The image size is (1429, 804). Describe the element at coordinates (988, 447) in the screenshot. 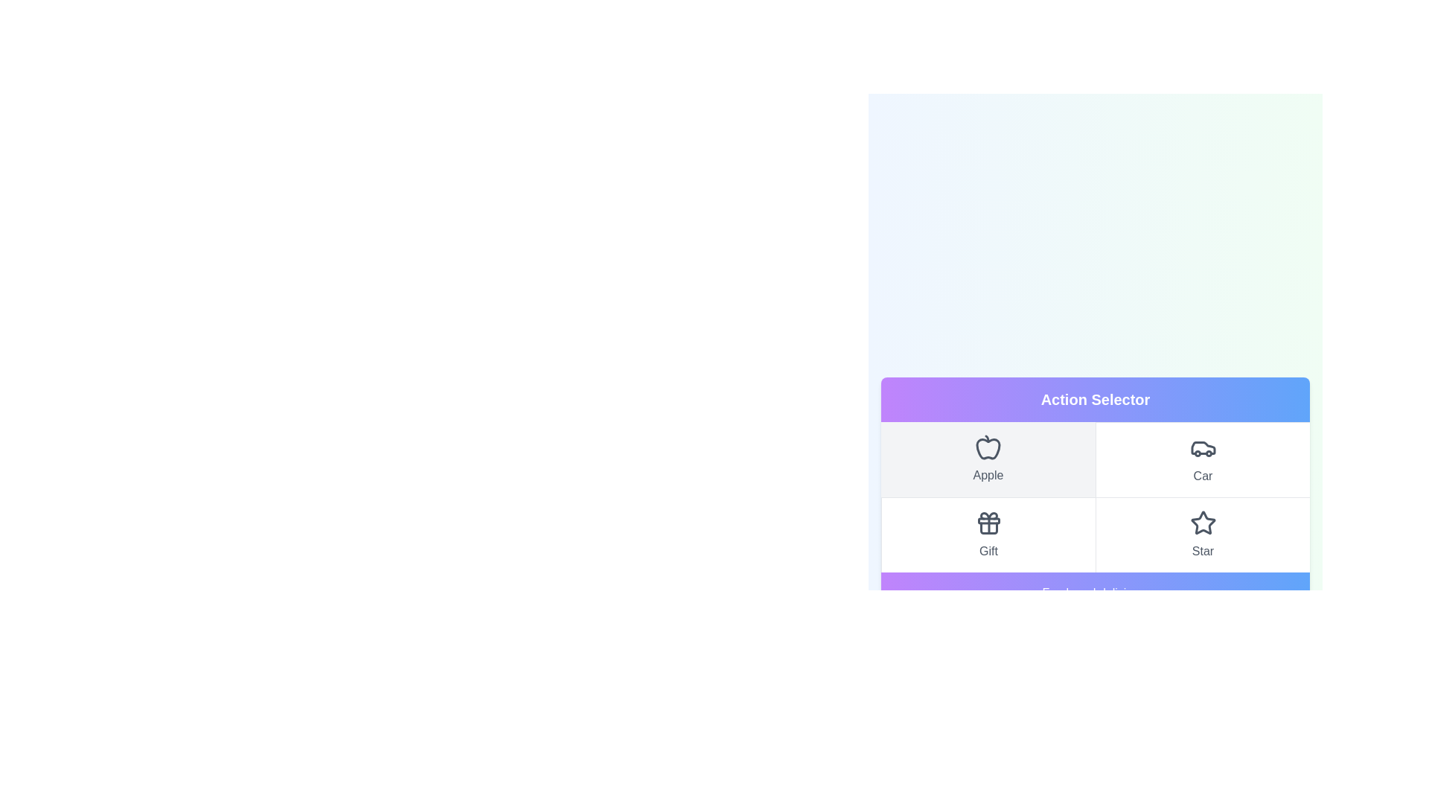

I see `the apple SVG icon outlined in dark gray located in the top-left cell of a 2x2 grid layout, with the label 'Apple' below it` at that location.